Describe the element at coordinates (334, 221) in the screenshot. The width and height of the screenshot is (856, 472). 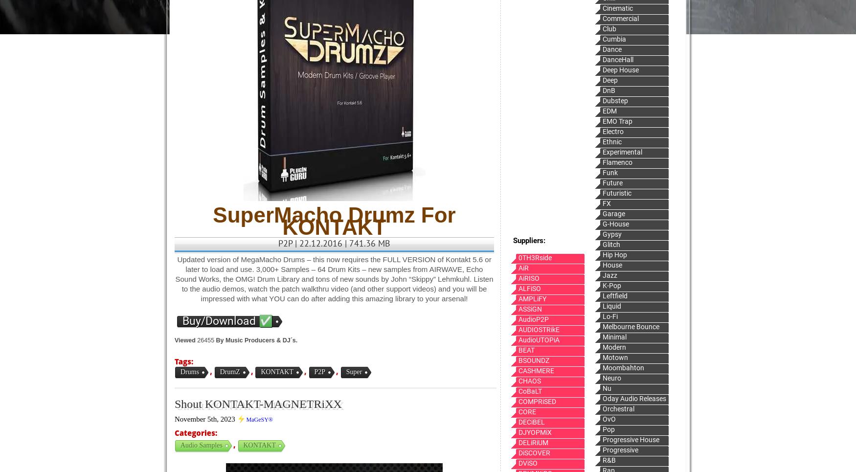
I see `'SuperMacho Drumz For KONTAKT'` at that location.